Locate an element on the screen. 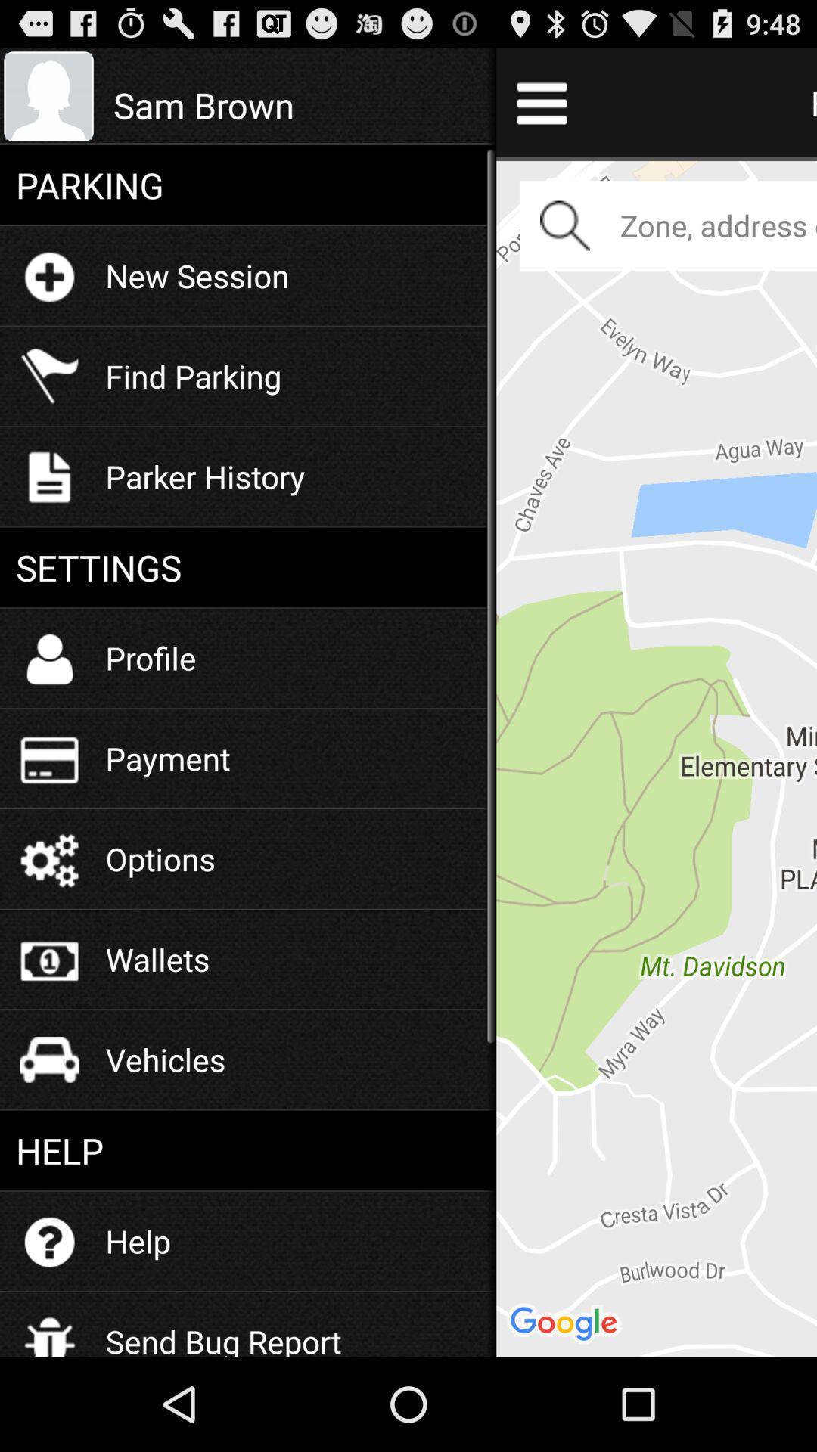 This screenshot has width=817, height=1452. the icon next to the find parking is located at coordinates (297, 104).